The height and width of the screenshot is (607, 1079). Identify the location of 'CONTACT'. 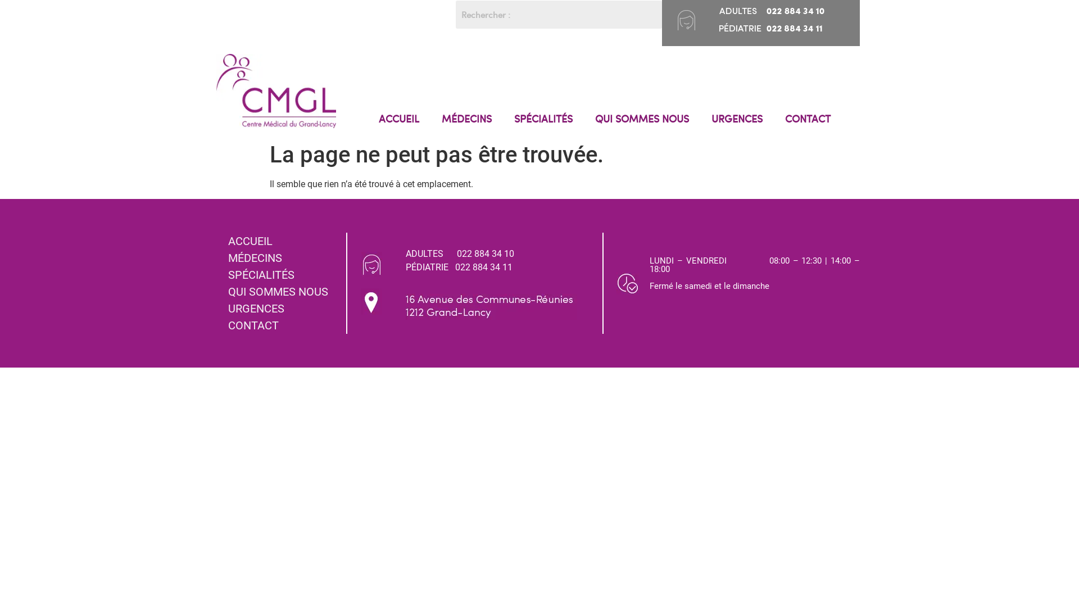
(282, 325).